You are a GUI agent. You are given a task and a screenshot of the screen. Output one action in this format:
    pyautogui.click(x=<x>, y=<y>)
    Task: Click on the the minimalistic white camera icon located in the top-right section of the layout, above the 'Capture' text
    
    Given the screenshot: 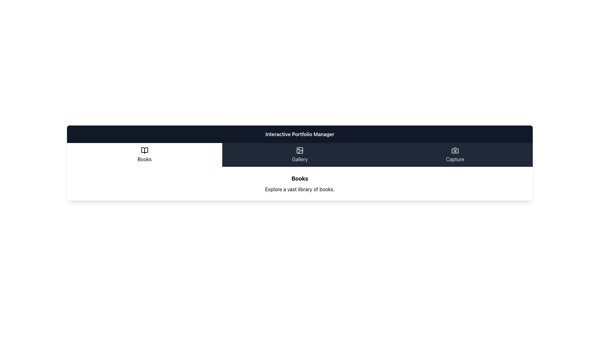 What is the action you would take?
    pyautogui.click(x=455, y=151)
    